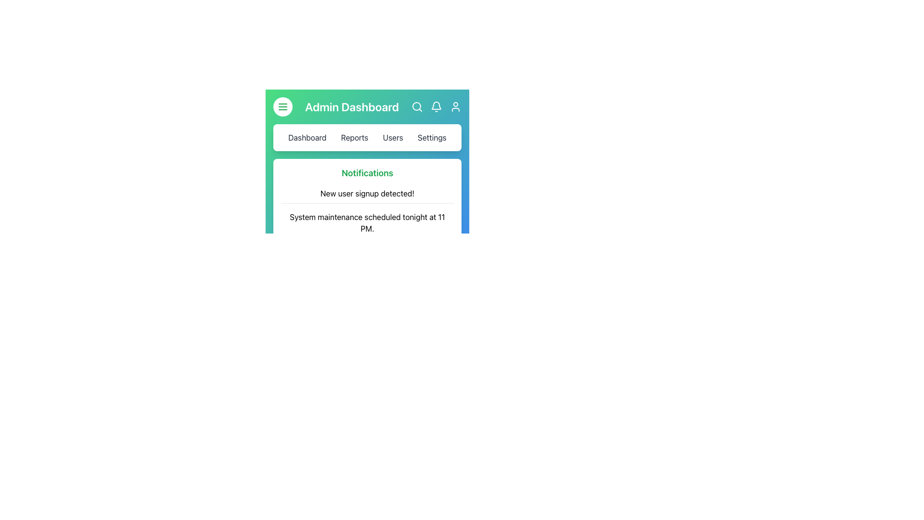 Image resolution: width=924 pixels, height=520 pixels. Describe the element at coordinates (367, 222) in the screenshot. I see `notifications displayed in the vertical stack of text notifications within the 'Notifications' card component` at that location.